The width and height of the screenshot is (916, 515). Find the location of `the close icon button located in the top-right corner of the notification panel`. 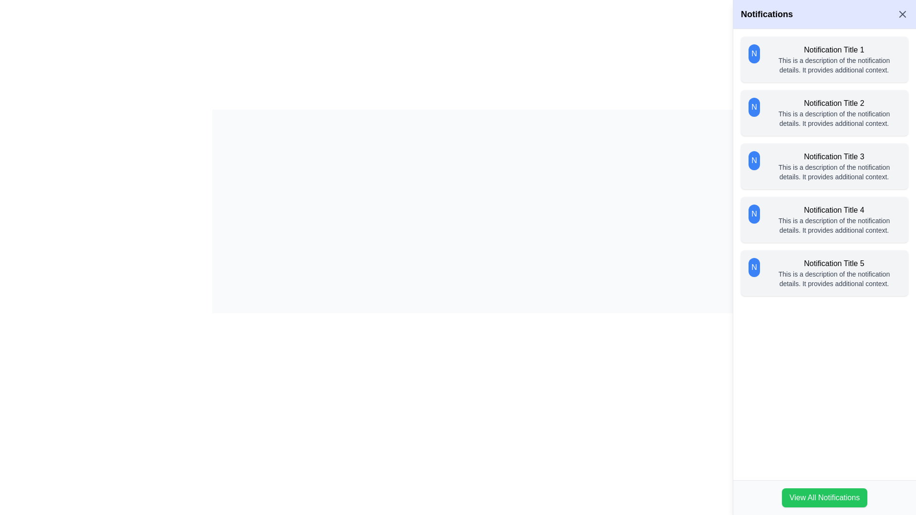

the close icon button located in the top-right corner of the notification panel is located at coordinates (902, 14).